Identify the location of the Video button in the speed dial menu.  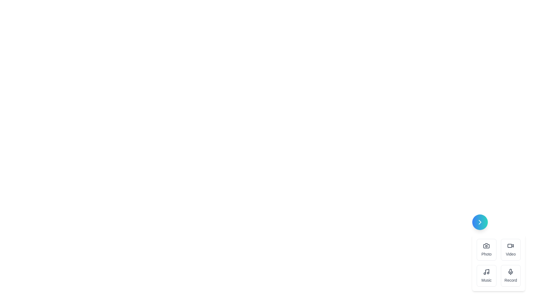
(511, 249).